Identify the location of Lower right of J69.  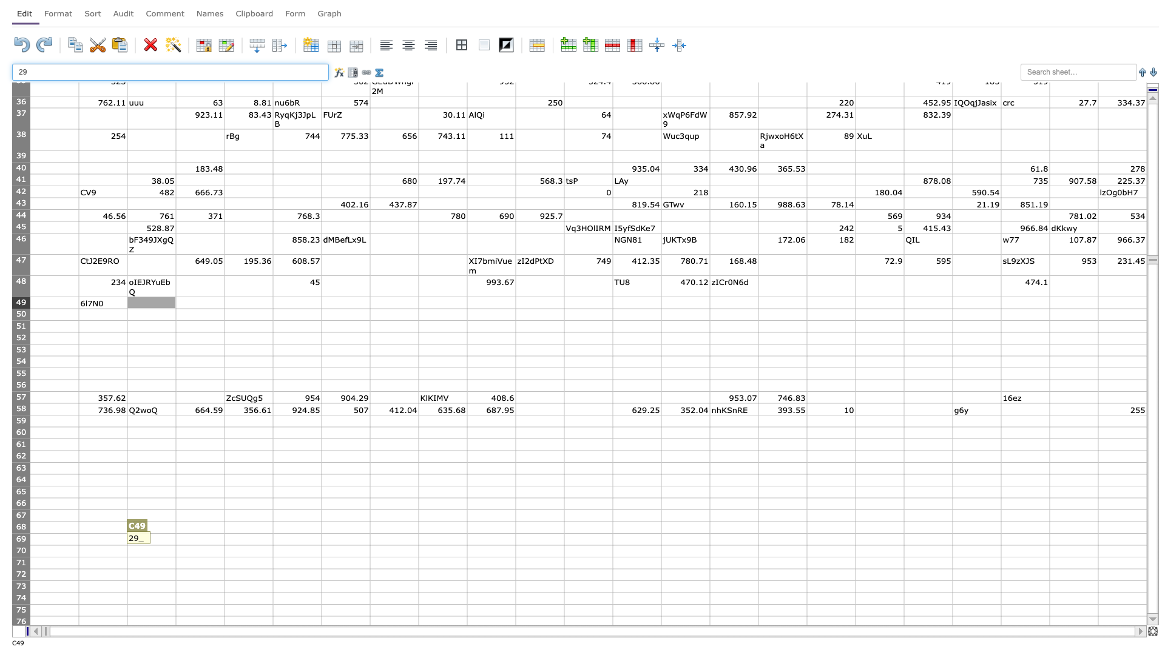
(515, 544).